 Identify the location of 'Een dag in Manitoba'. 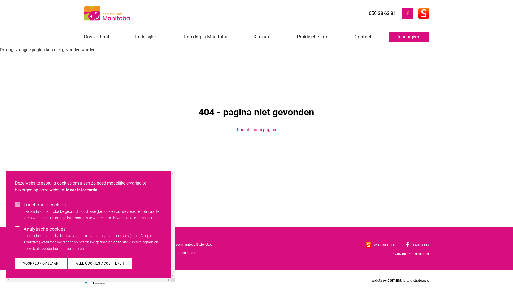
(205, 37).